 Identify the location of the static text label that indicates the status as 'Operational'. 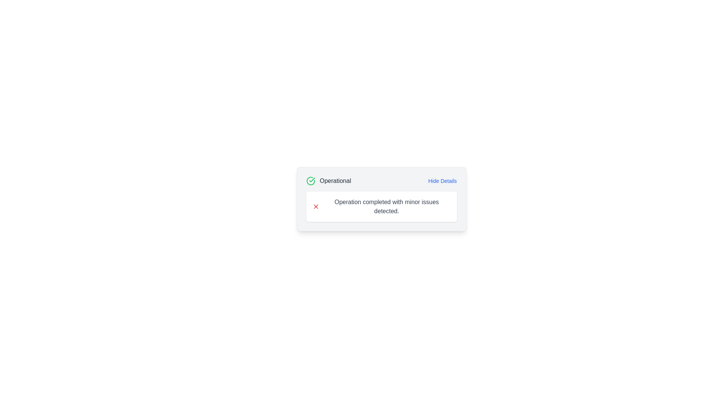
(335, 181).